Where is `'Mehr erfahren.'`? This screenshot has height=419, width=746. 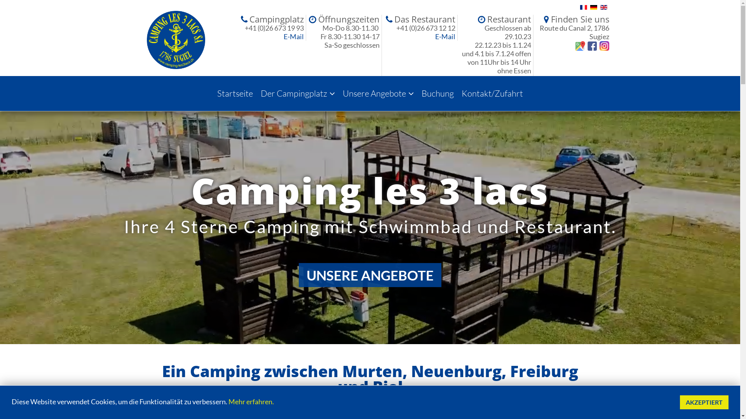 'Mehr erfahren.' is located at coordinates (251, 401).